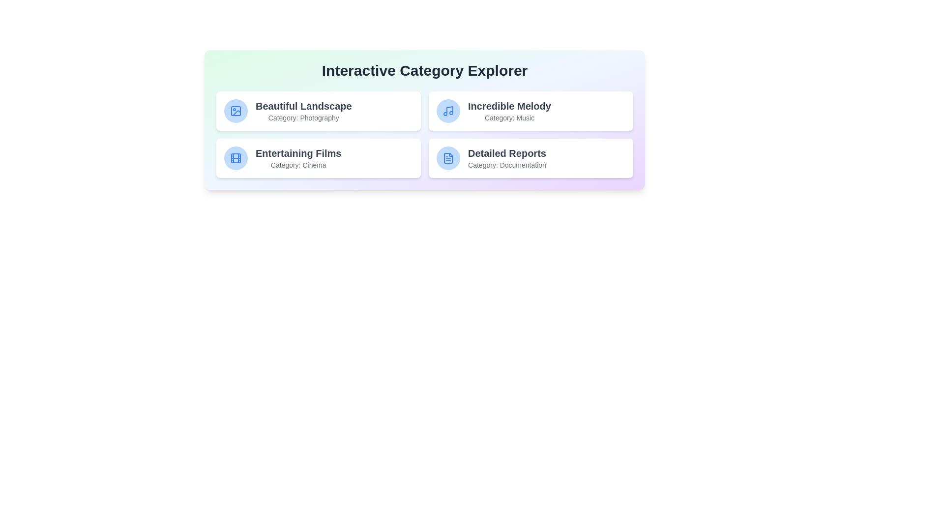 Image resolution: width=944 pixels, height=531 pixels. What do you see at coordinates (236, 157) in the screenshot?
I see `the icon representing the category Cinema` at bounding box center [236, 157].